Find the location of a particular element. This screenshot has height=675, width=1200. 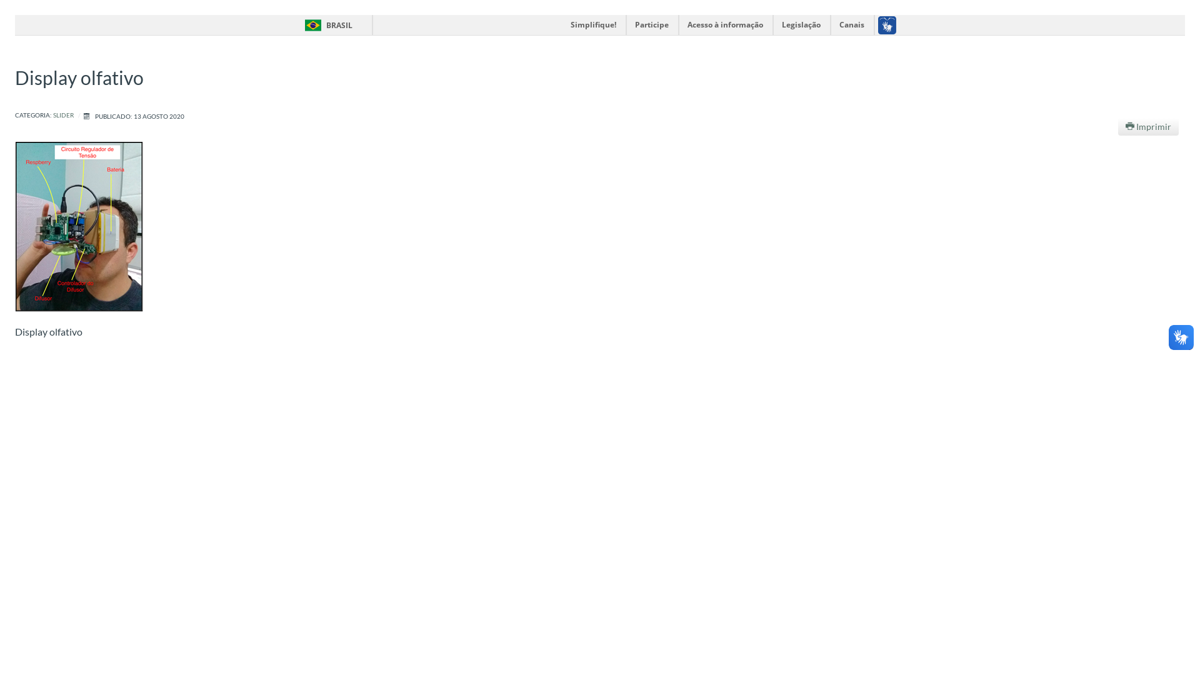

'Canais' is located at coordinates (831, 24).